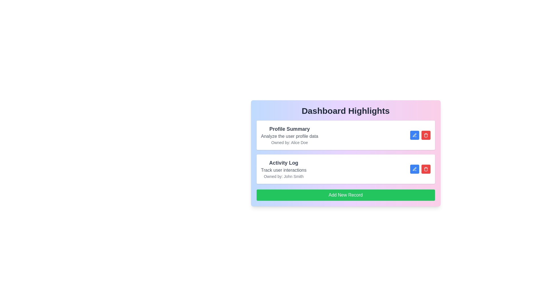  What do you see at coordinates (414, 169) in the screenshot?
I see `the blue pen icon button located in the 'Activity Log' panel` at bounding box center [414, 169].